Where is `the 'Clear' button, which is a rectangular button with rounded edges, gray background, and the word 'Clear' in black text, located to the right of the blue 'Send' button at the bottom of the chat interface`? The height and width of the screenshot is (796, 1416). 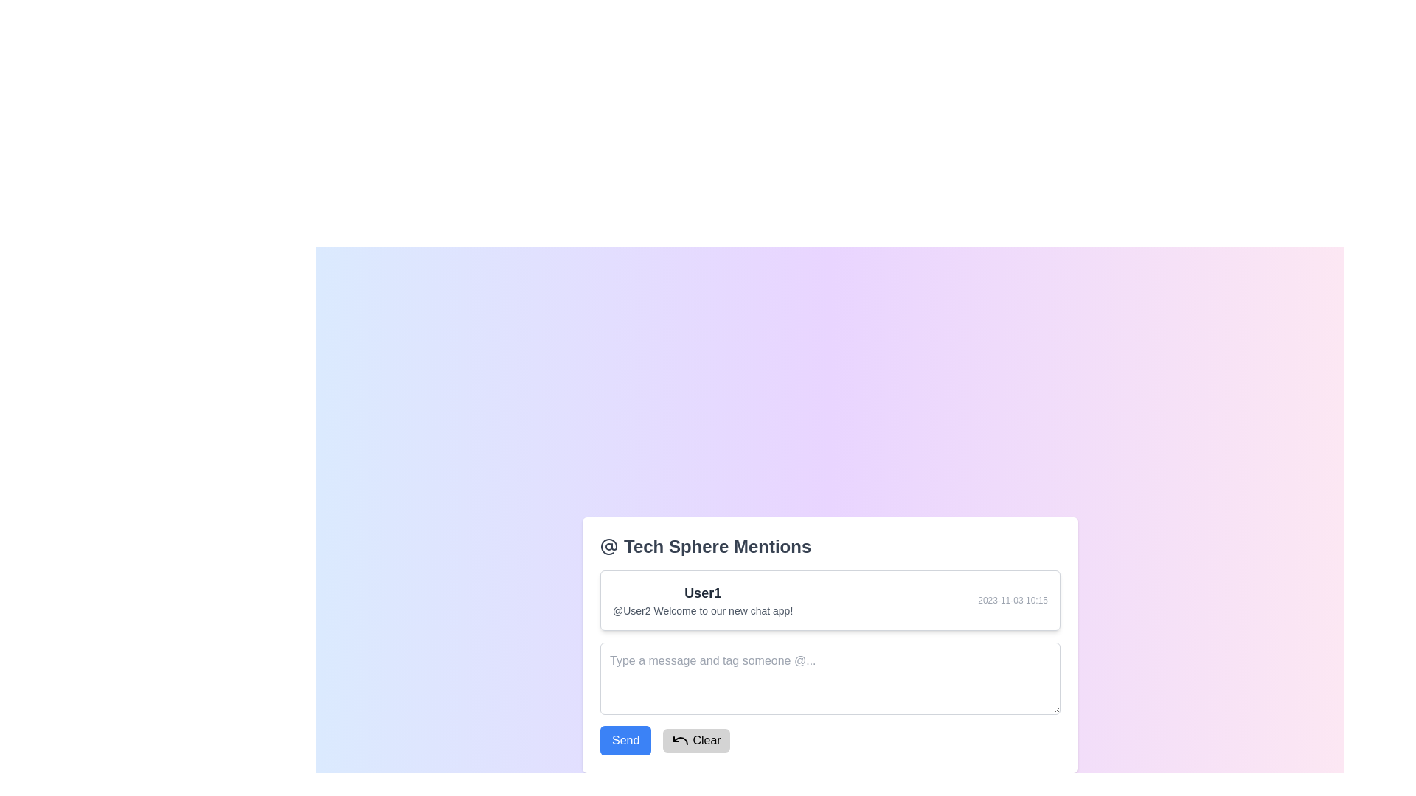
the 'Clear' button, which is a rectangular button with rounded edges, gray background, and the word 'Clear' in black text, located to the right of the blue 'Send' button at the bottom of the chat interface is located at coordinates (695, 740).